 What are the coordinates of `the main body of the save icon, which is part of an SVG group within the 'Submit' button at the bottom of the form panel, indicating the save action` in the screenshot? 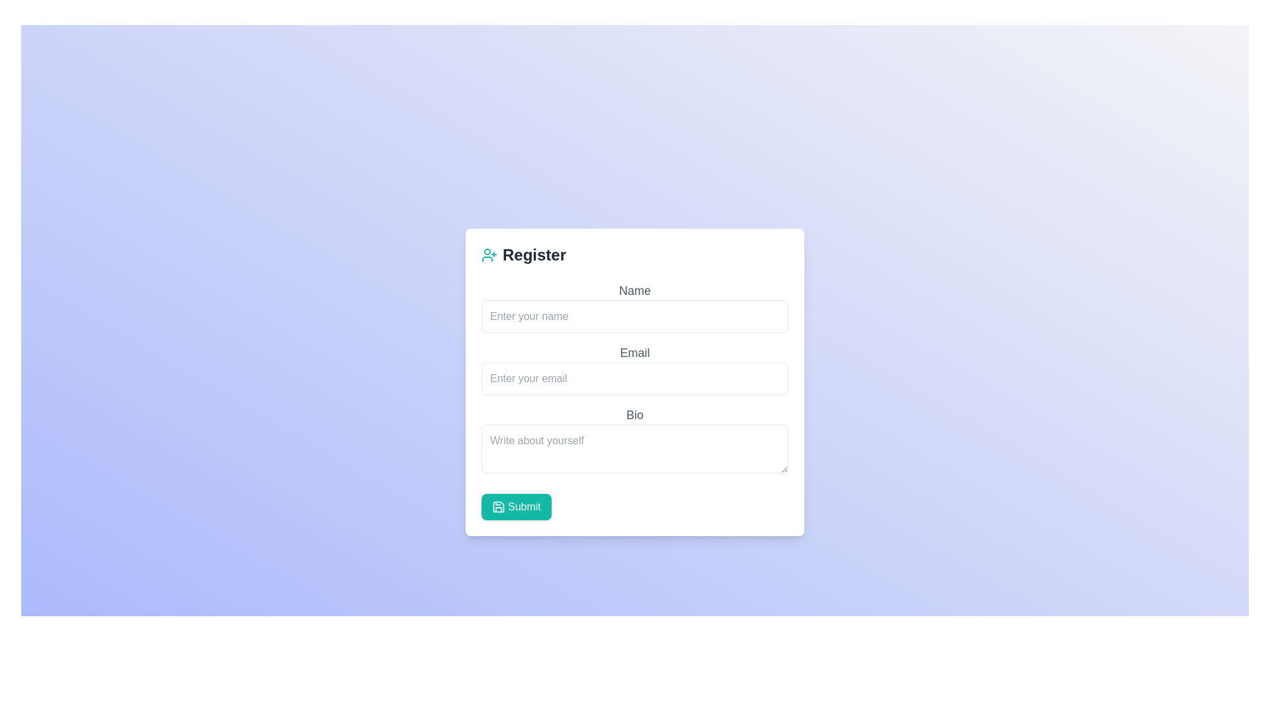 It's located at (497, 506).